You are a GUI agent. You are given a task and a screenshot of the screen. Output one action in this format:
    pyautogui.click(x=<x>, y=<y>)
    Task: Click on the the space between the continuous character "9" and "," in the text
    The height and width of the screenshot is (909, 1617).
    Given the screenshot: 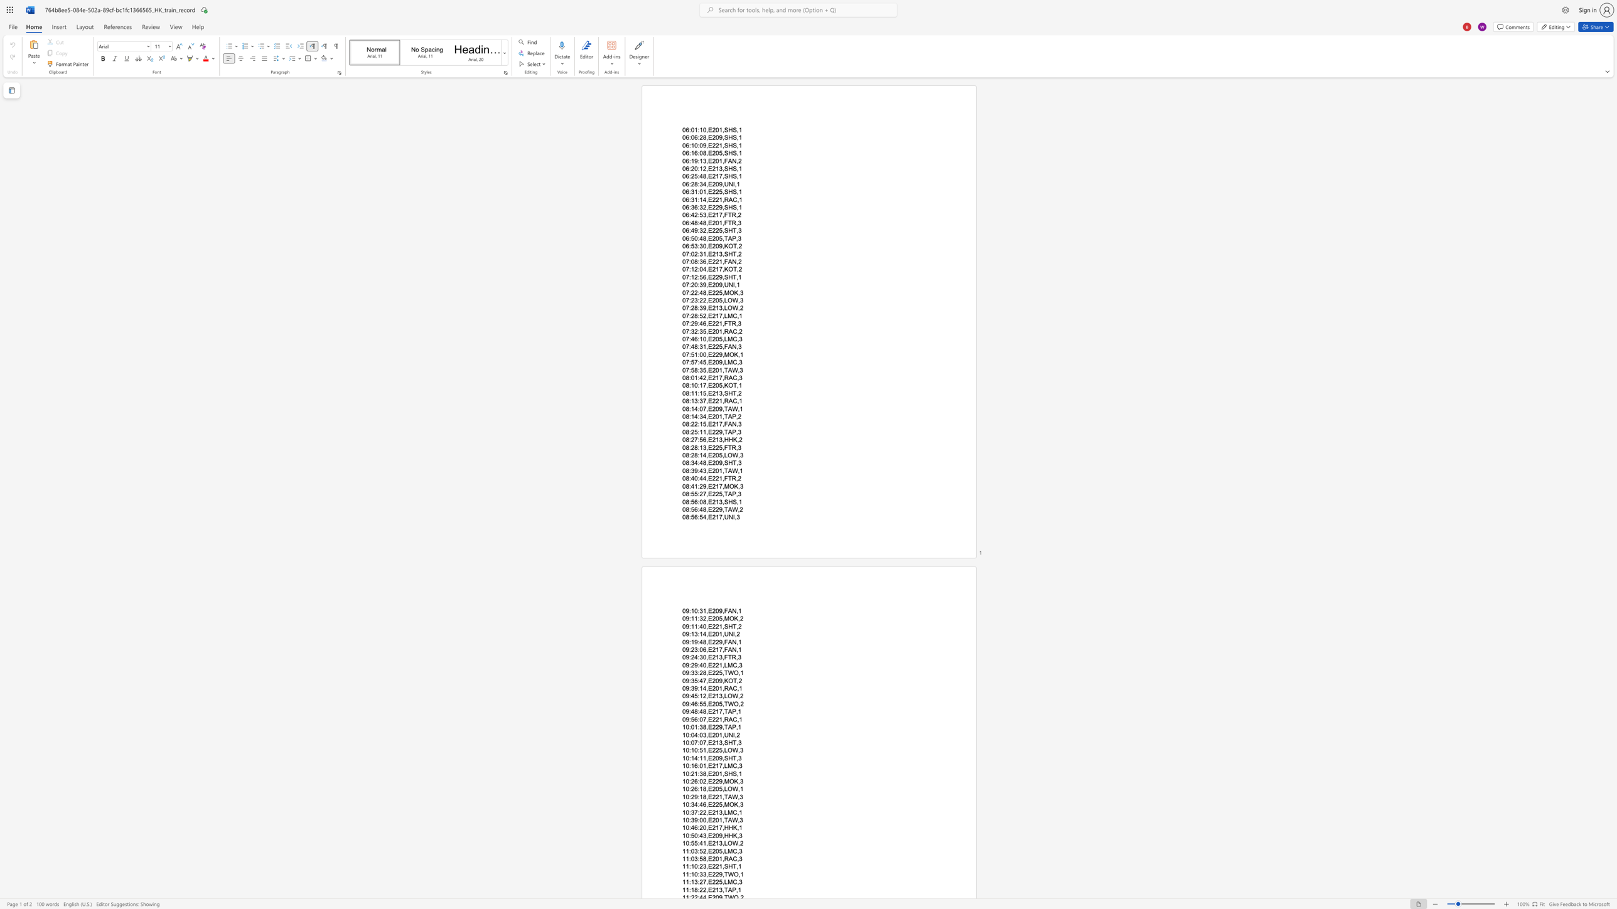 What is the action you would take?
    pyautogui.click(x=706, y=144)
    